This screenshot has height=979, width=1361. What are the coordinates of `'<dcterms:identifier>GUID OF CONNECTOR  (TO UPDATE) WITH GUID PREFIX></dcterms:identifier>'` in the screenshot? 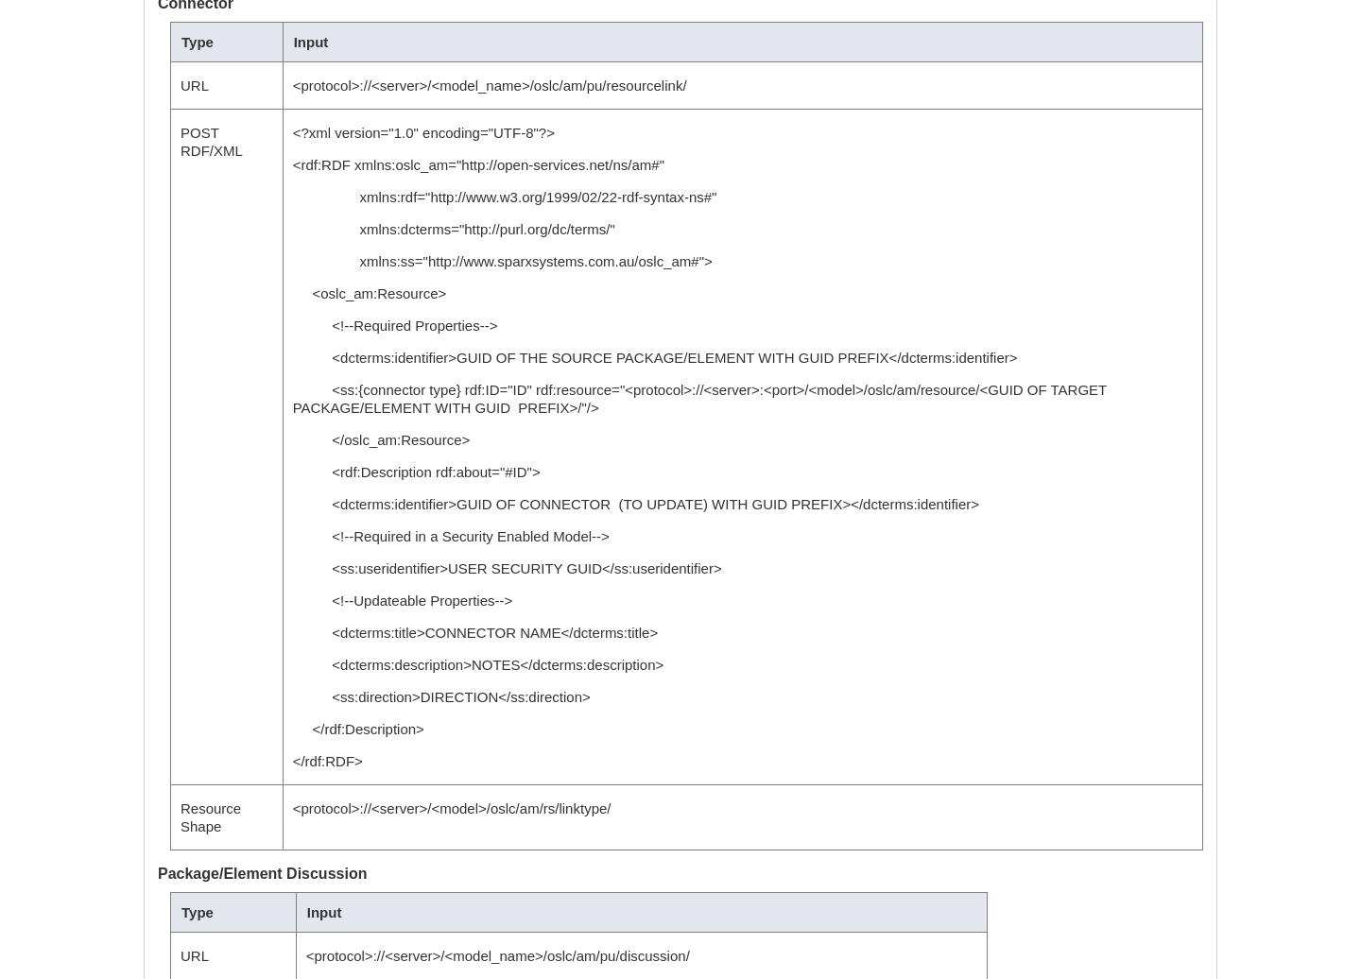 It's located at (635, 504).